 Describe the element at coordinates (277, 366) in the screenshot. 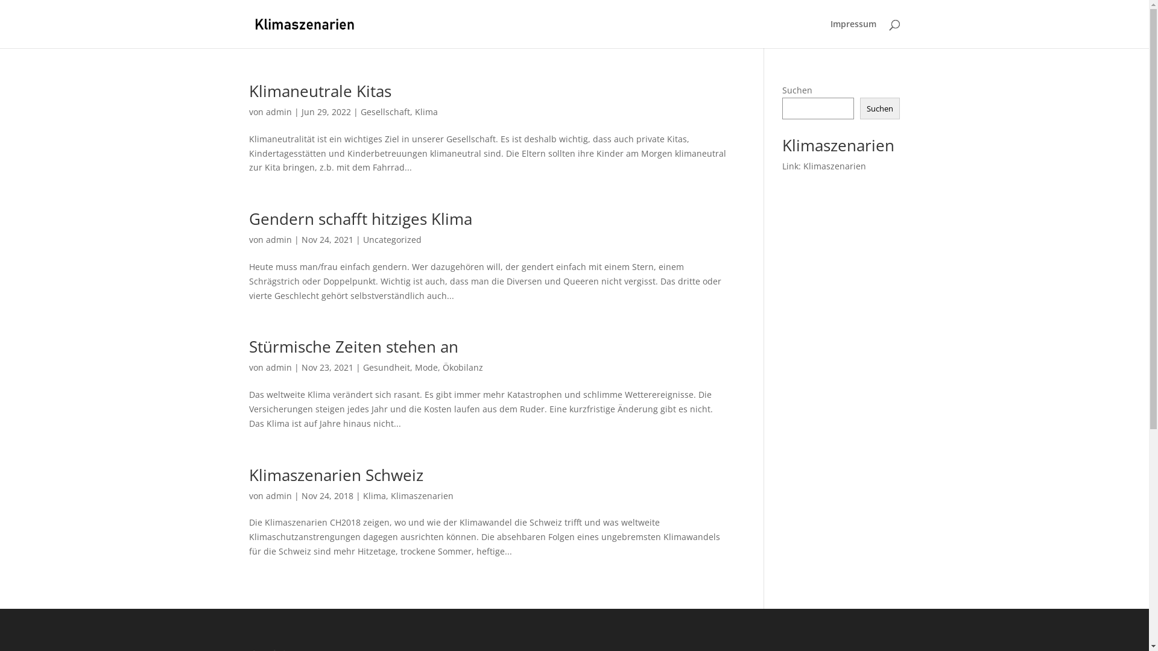

I see `'admin'` at that location.